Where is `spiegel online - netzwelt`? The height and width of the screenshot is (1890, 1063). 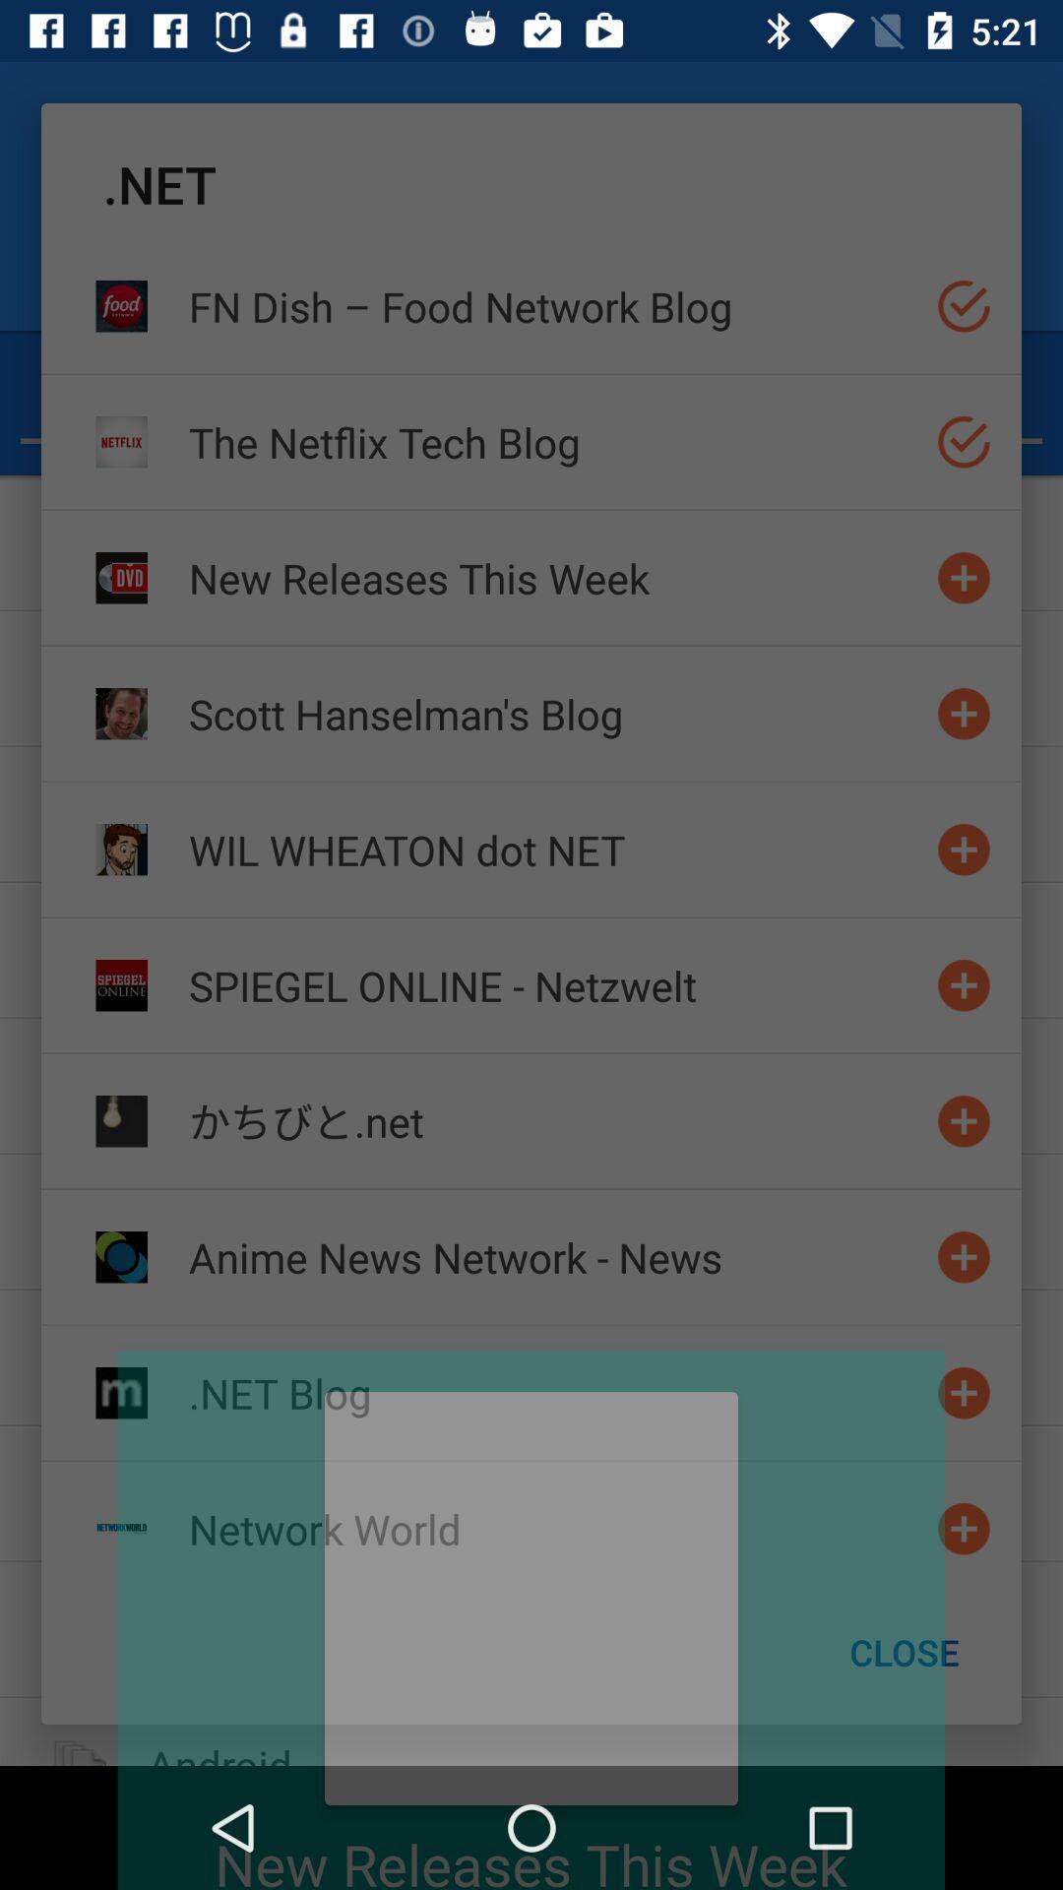
spiegel online - netzwelt is located at coordinates (554, 985).